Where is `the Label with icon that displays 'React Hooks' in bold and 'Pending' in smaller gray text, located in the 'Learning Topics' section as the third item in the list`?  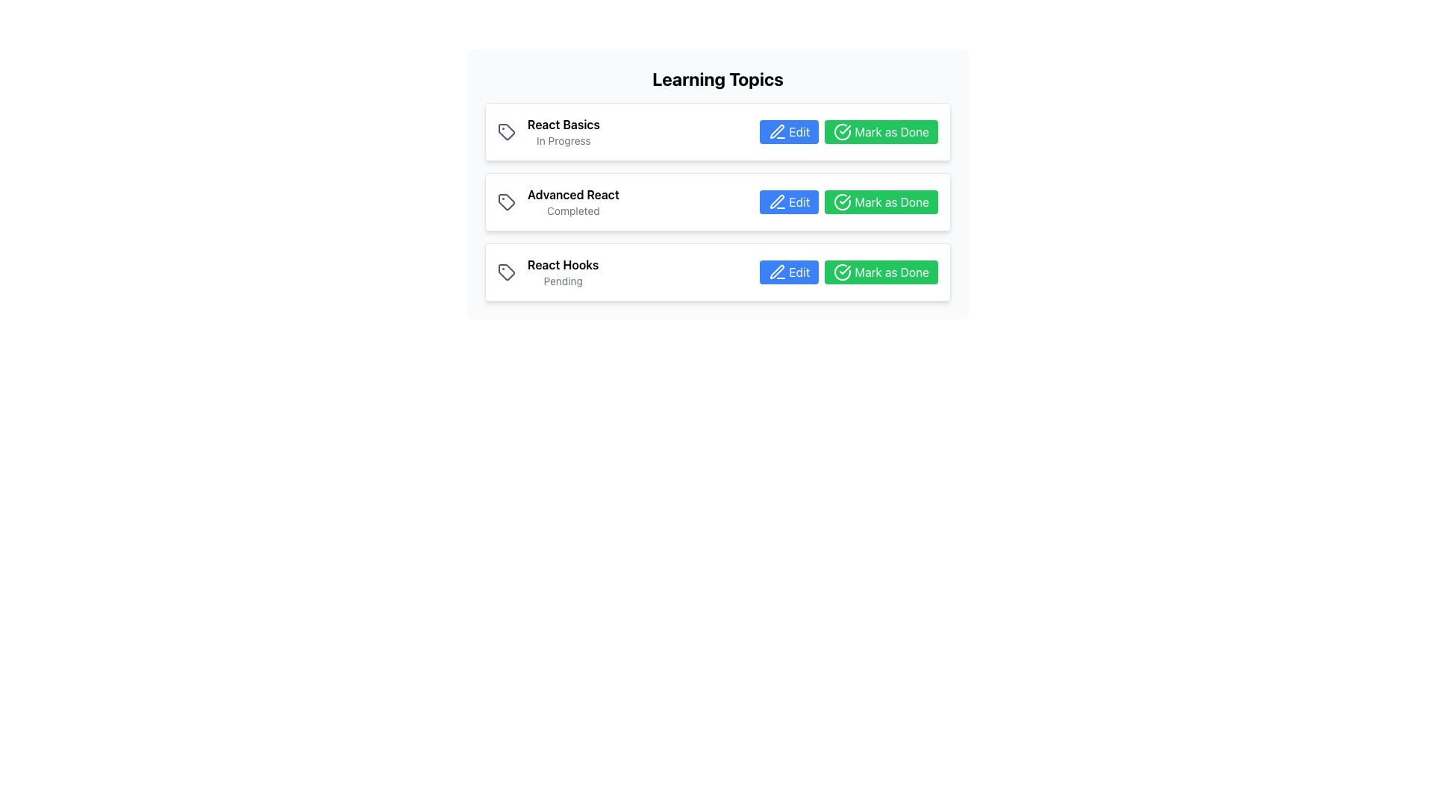
the Label with icon that displays 'React Hooks' in bold and 'Pending' in smaller gray text, located in the 'Learning Topics' section as the third item in the list is located at coordinates (547, 272).